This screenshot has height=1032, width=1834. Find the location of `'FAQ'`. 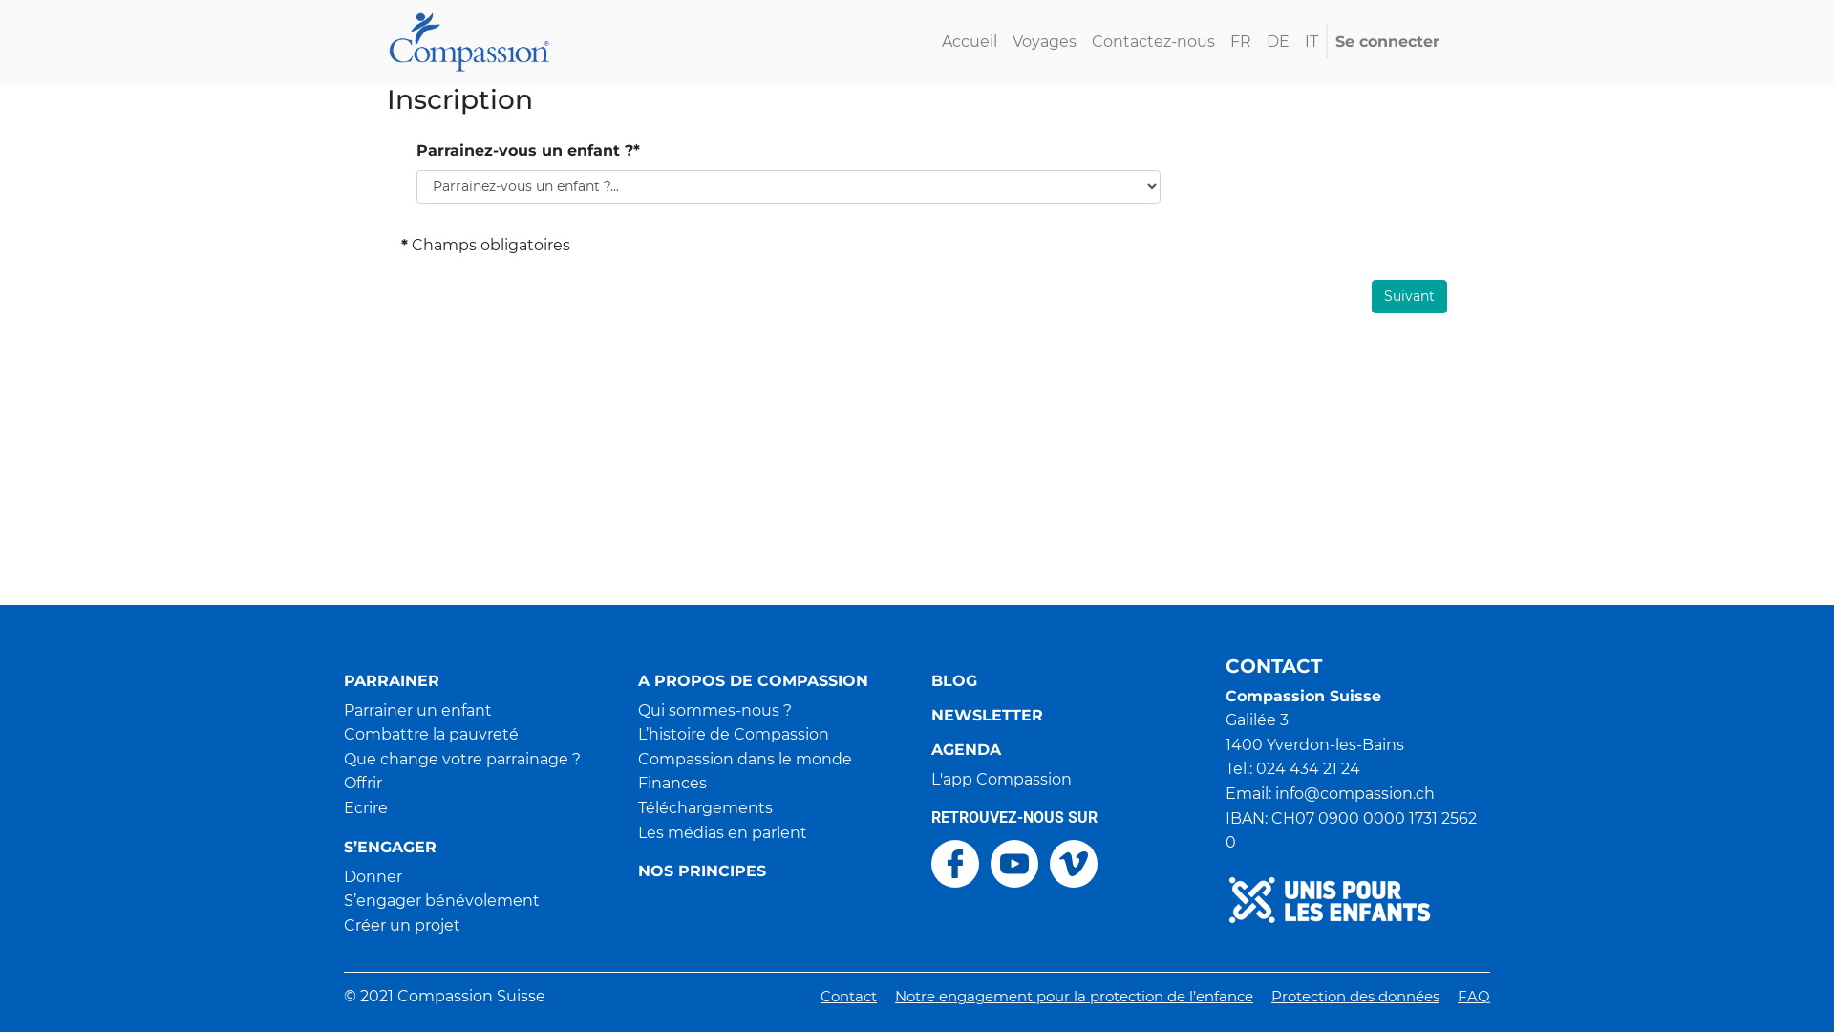

'FAQ' is located at coordinates (1472, 995).